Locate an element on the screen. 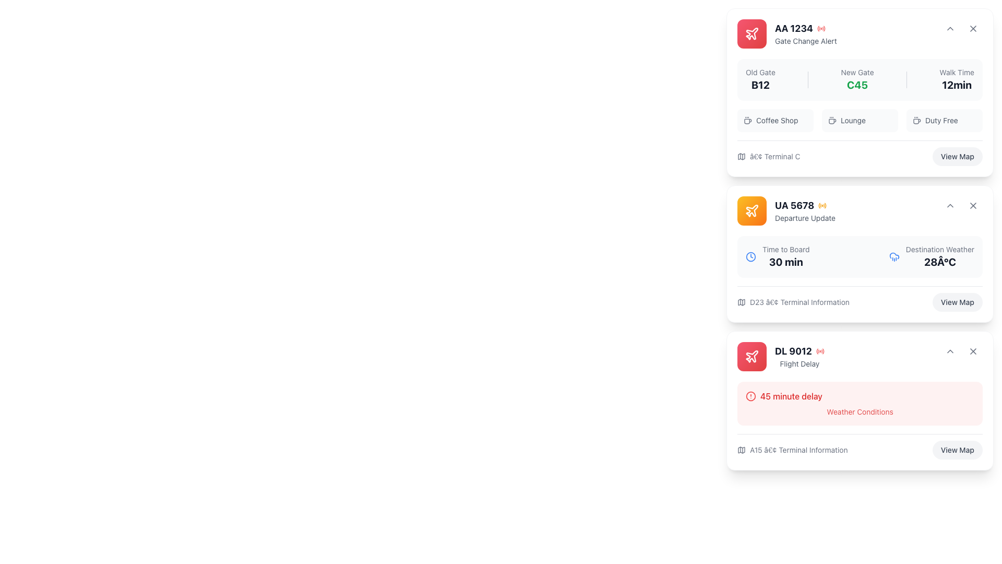  the pulsating animation of the alert indicator for the 'DL 9012' flight, which is positioned to the right of the text label 'DL 9012' within a card interface is located at coordinates (819, 351).